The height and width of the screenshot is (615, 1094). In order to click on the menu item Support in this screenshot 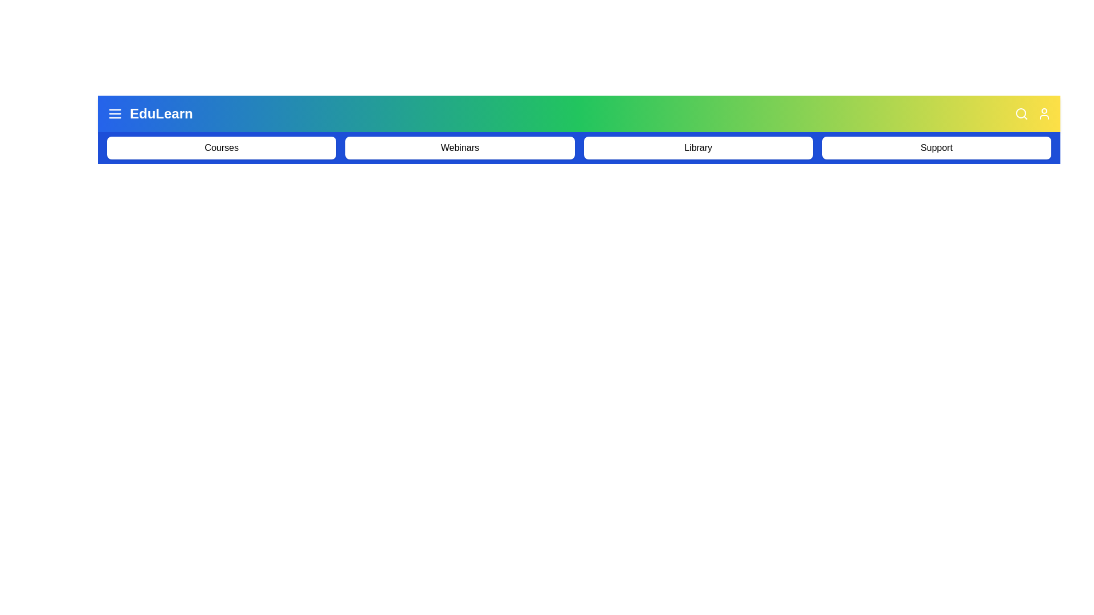, I will do `click(936, 147)`.